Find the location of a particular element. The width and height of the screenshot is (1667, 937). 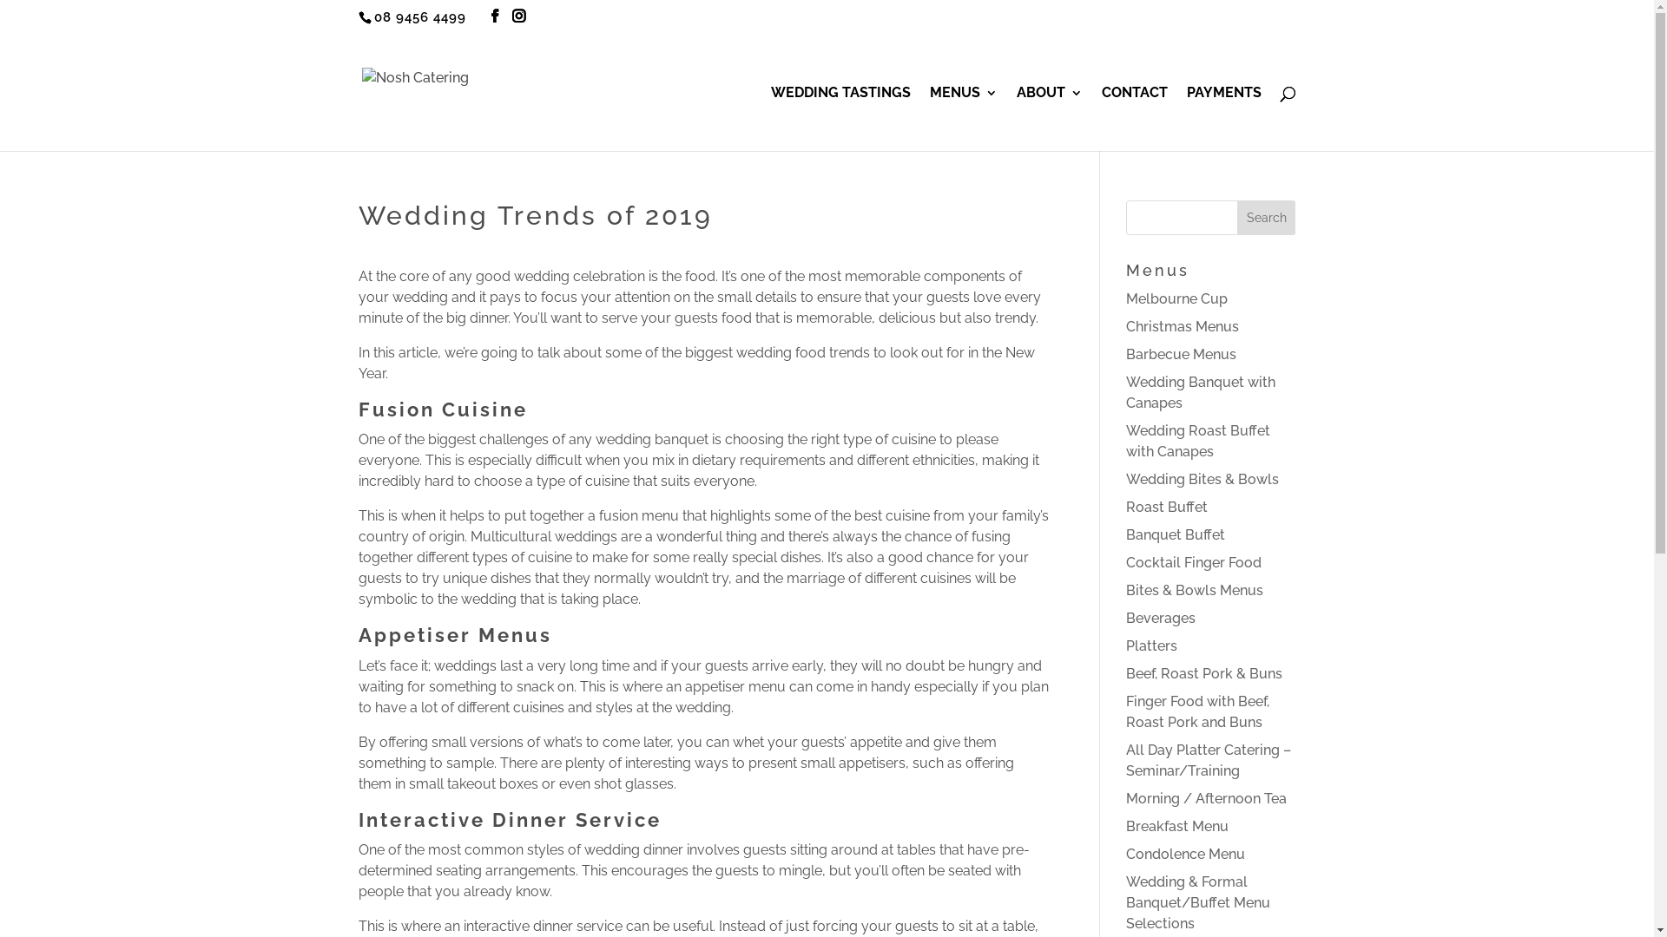

'Wedding & Formal Banquet/Buffet Menu Selections' is located at coordinates (1197, 901).